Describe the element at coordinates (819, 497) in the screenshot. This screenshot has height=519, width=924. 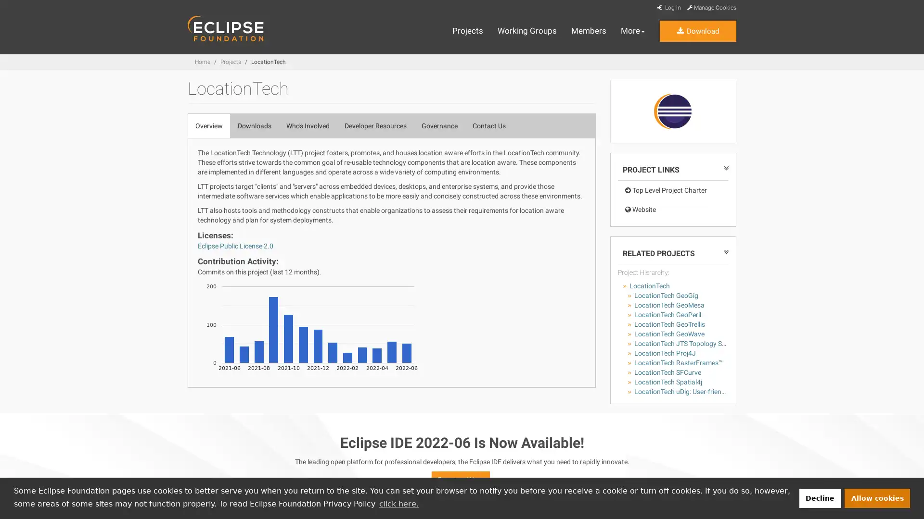
I see `deny cookies` at that location.